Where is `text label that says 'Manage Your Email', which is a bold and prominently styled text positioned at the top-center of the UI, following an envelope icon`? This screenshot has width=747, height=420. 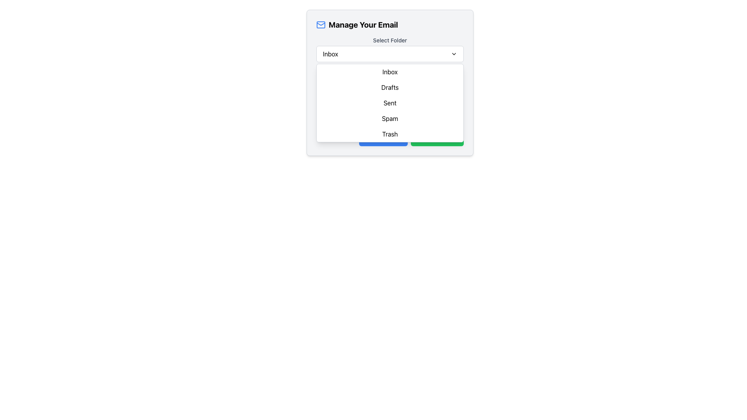
text label that says 'Manage Your Email', which is a bold and prominently styled text positioned at the top-center of the UI, following an envelope icon is located at coordinates (363, 24).